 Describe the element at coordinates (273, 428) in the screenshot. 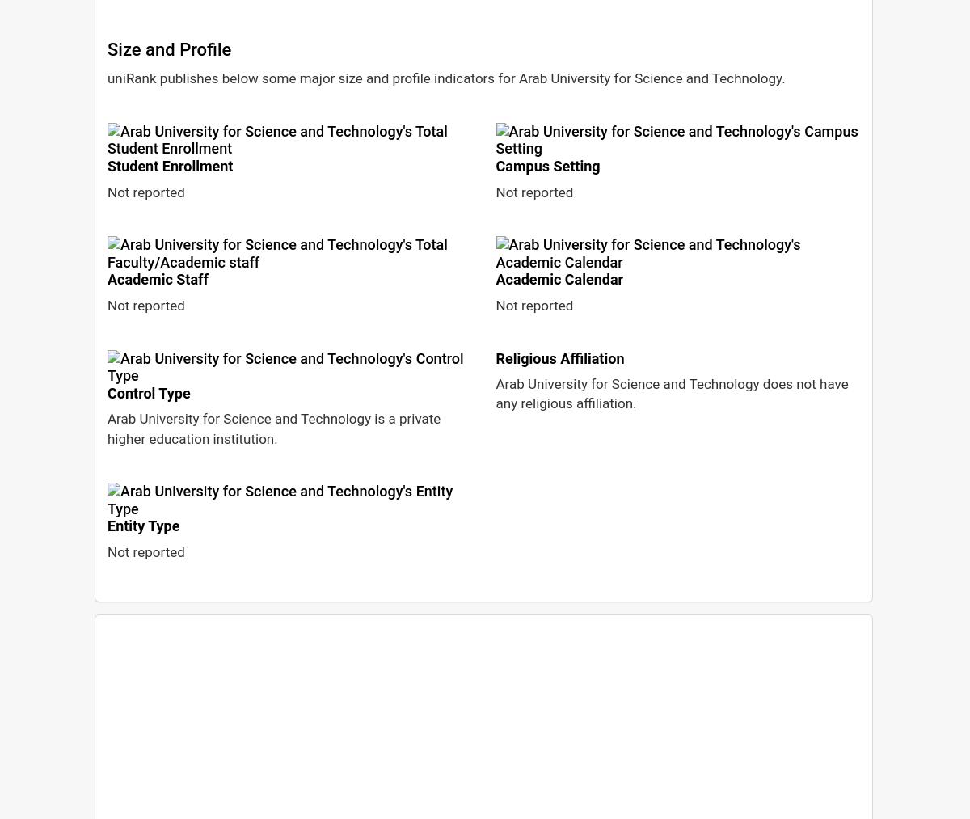

I see `'Arab University for Science and Technology is a private higher education institution.'` at that location.